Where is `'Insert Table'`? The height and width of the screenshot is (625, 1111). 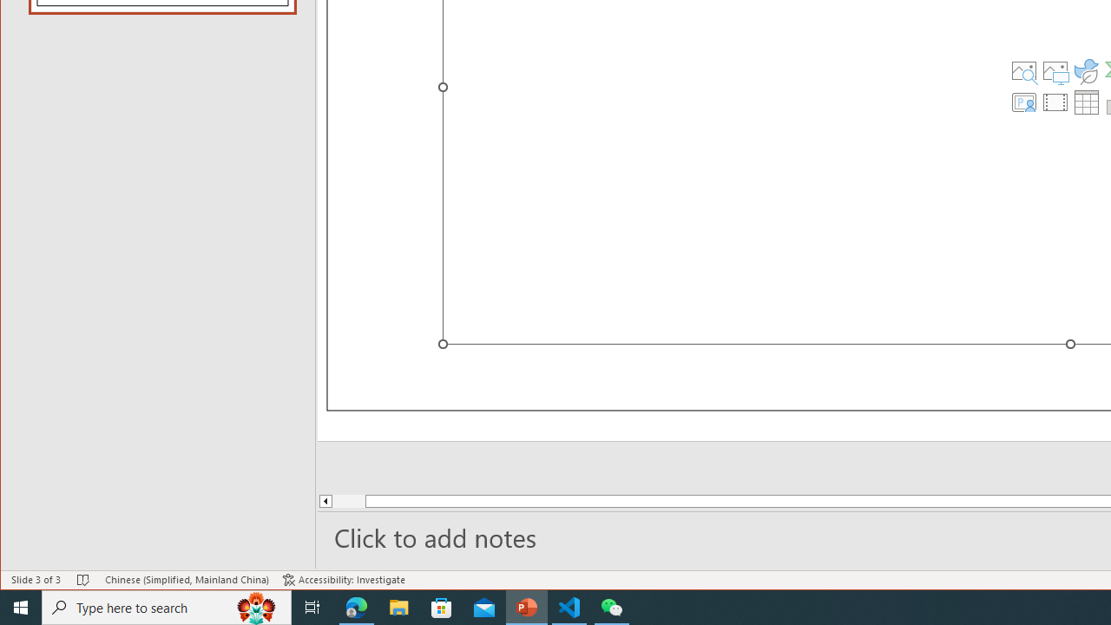
'Insert Table' is located at coordinates (1086, 102).